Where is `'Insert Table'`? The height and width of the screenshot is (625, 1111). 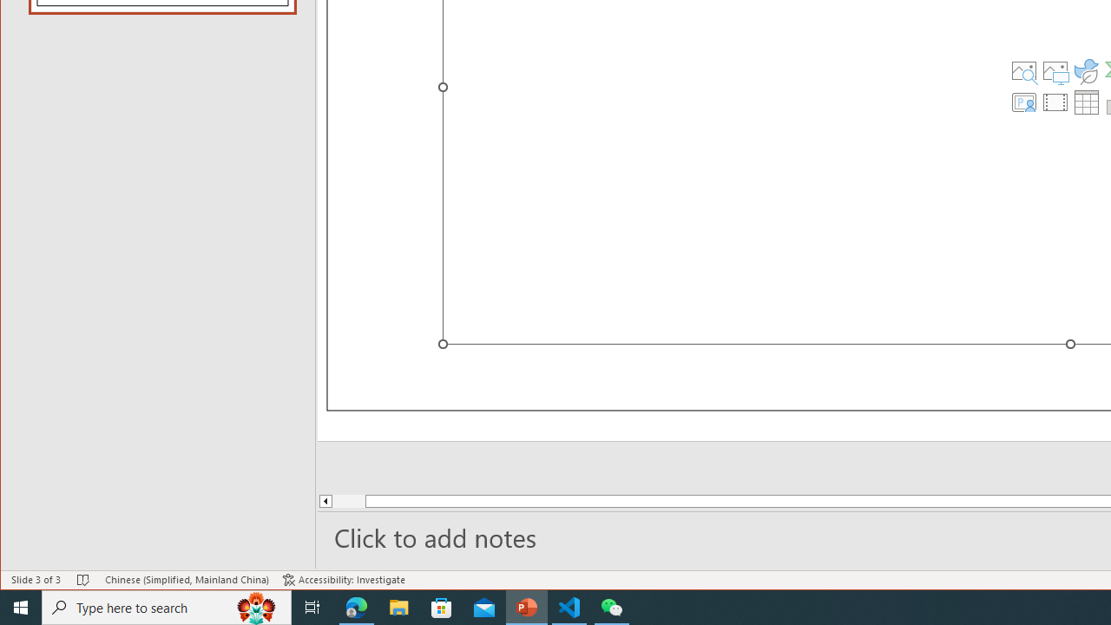
'Insert Table' is located at coordinates (1086, 102).